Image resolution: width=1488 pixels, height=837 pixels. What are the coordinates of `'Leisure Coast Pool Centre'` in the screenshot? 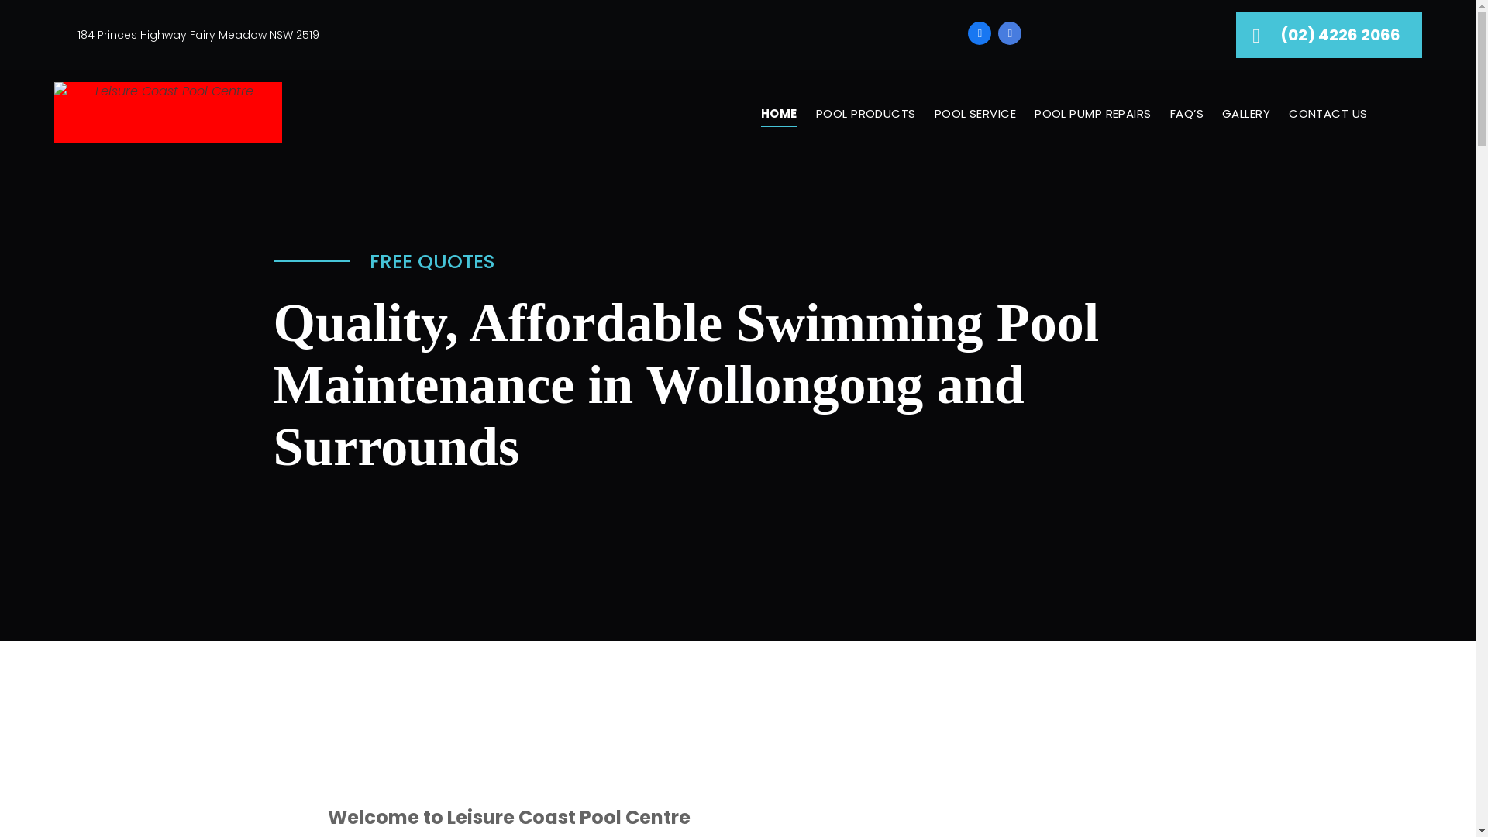 It's located at (167, 112).